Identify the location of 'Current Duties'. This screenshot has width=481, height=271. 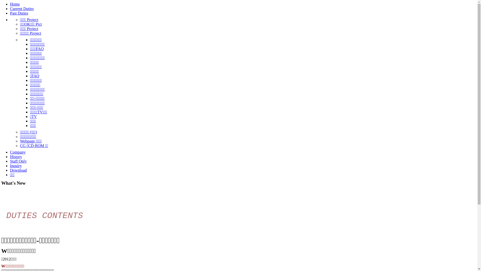
(22, 9).